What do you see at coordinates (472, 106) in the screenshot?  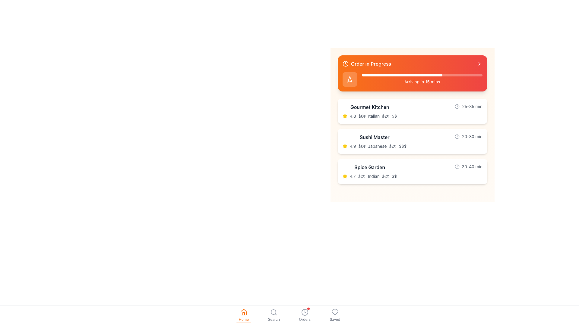 I see `the text element displaying '25-35 min' in dark gray color, located to the right of a clock icon, which is part of a restaurant options card` at bounding box center [472, 106].